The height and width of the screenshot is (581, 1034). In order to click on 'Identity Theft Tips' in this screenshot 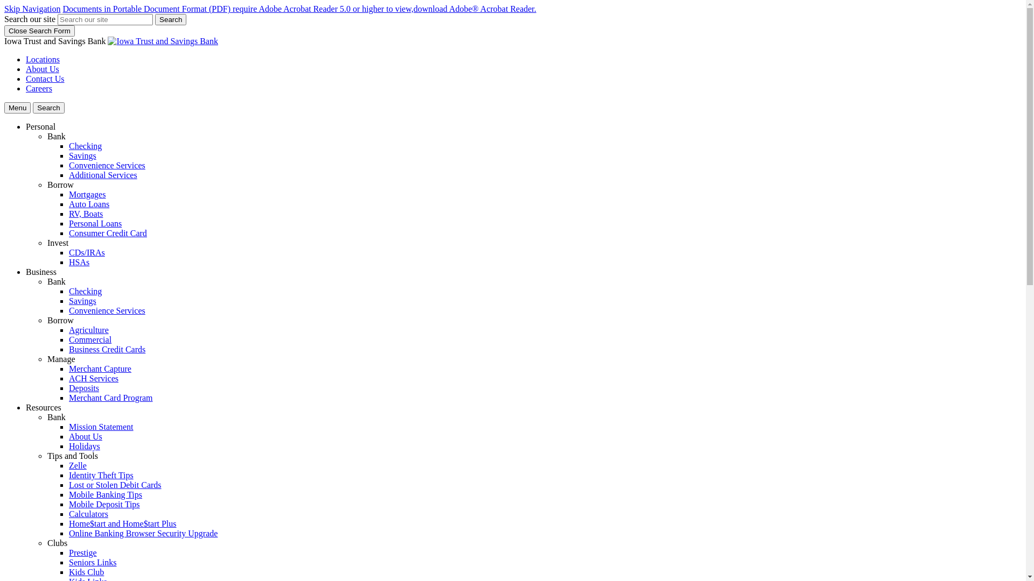, I will do `click(101, 474)`.